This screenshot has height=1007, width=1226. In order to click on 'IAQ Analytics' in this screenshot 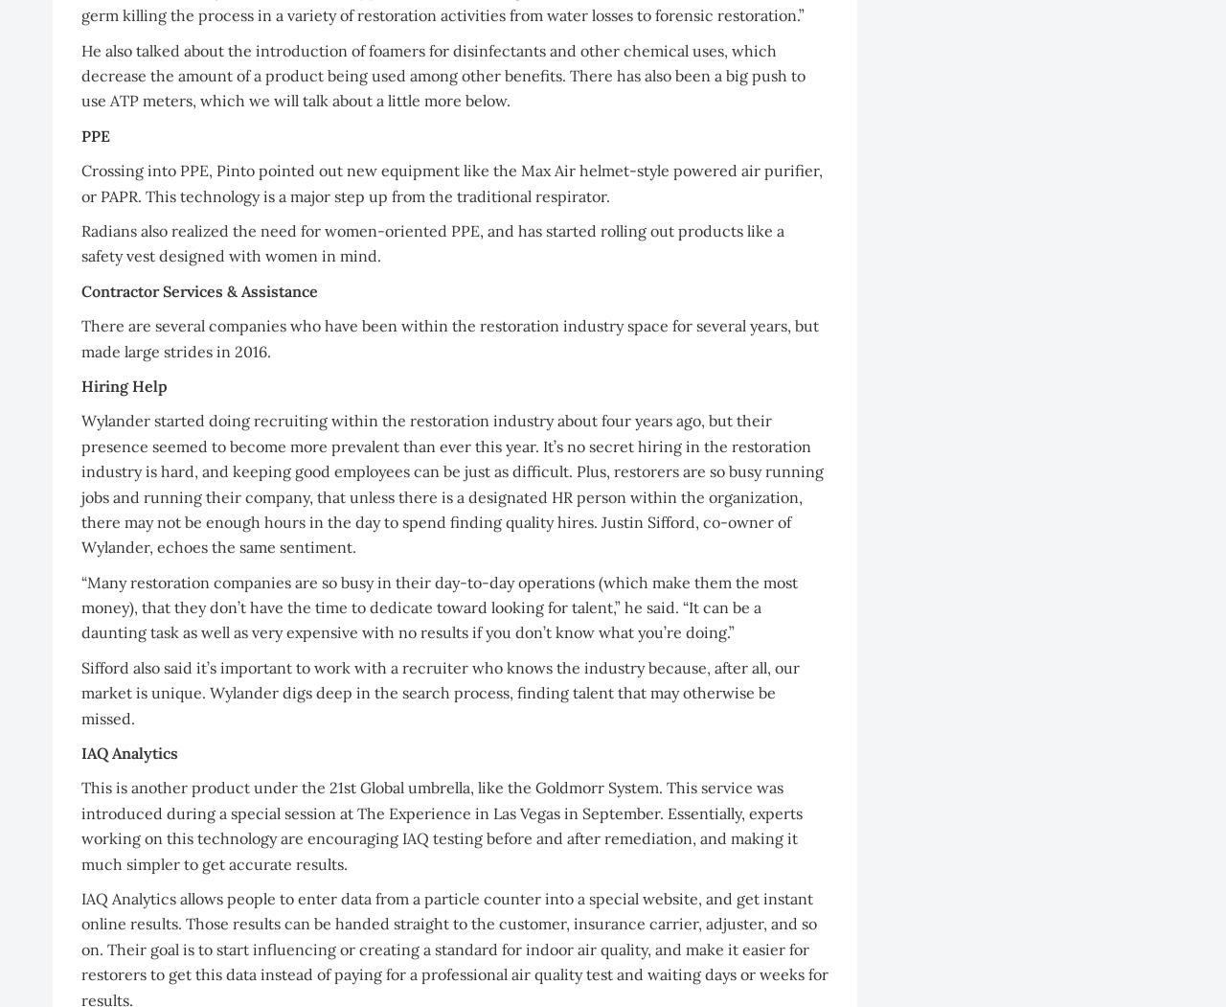, I will do `click(128, 752)`.